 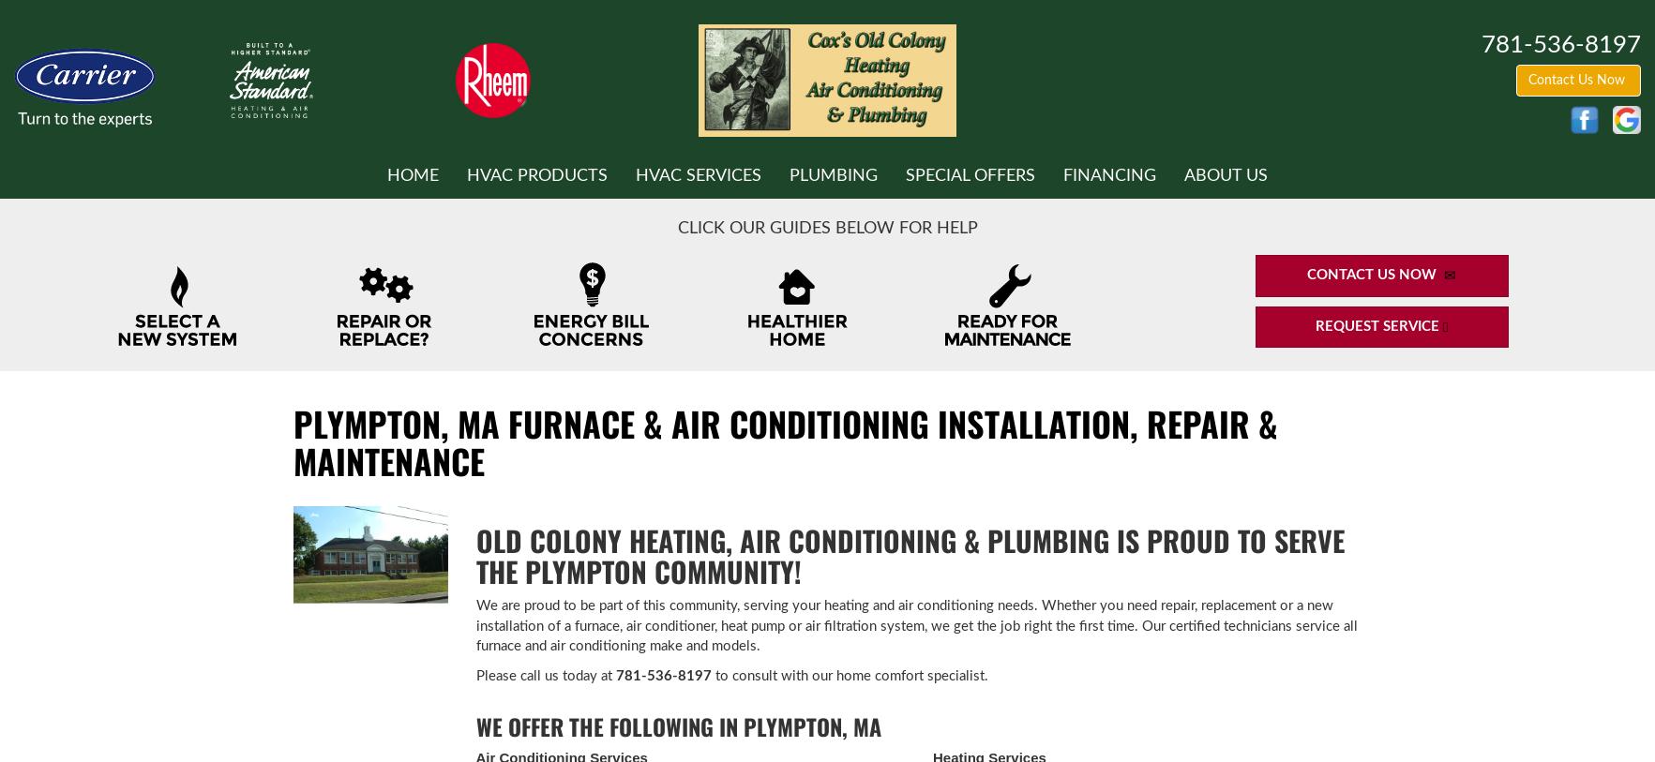 What do you see at coordinates (825, 227) in the screenshot?
I see `'Click our guides below for help'` at bounding box center [825, 227].